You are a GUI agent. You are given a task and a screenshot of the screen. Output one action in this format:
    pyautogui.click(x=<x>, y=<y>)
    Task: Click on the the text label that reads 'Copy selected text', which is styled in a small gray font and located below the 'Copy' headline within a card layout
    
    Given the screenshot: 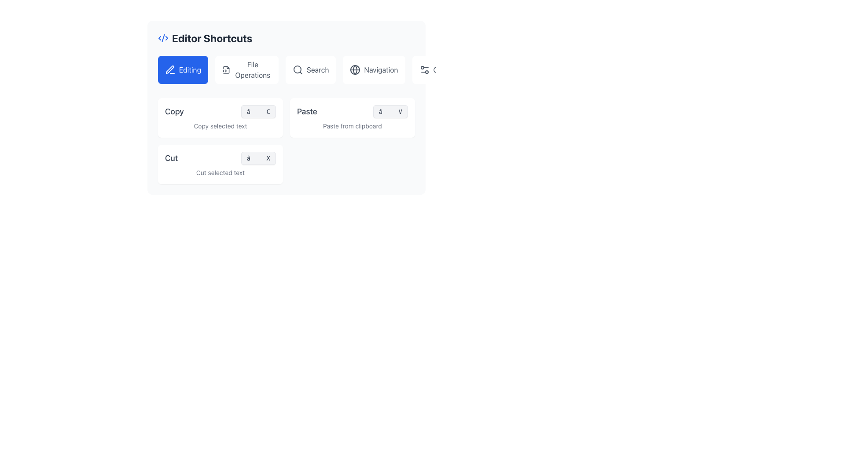 What is the action you would take?
    pyautogui.click(x=220, y=126)
    